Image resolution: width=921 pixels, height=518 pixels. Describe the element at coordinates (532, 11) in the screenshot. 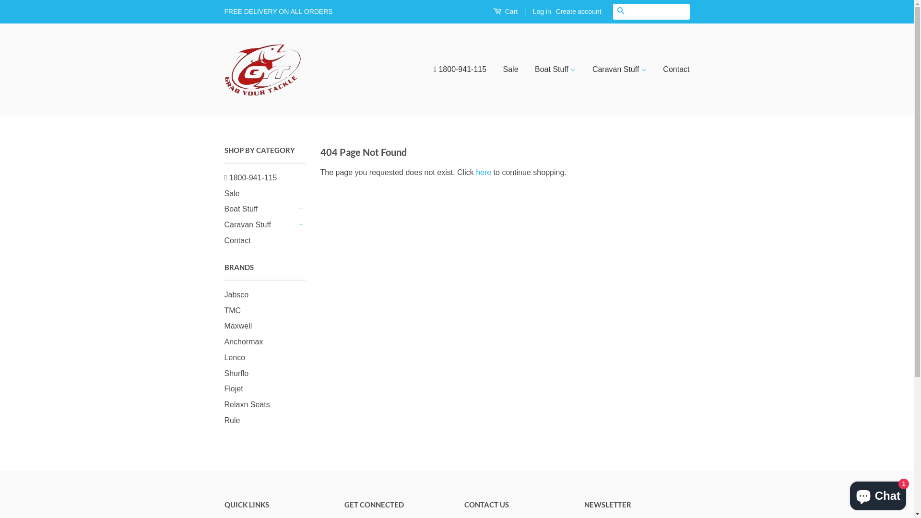

I see `'Log in'` at that location.